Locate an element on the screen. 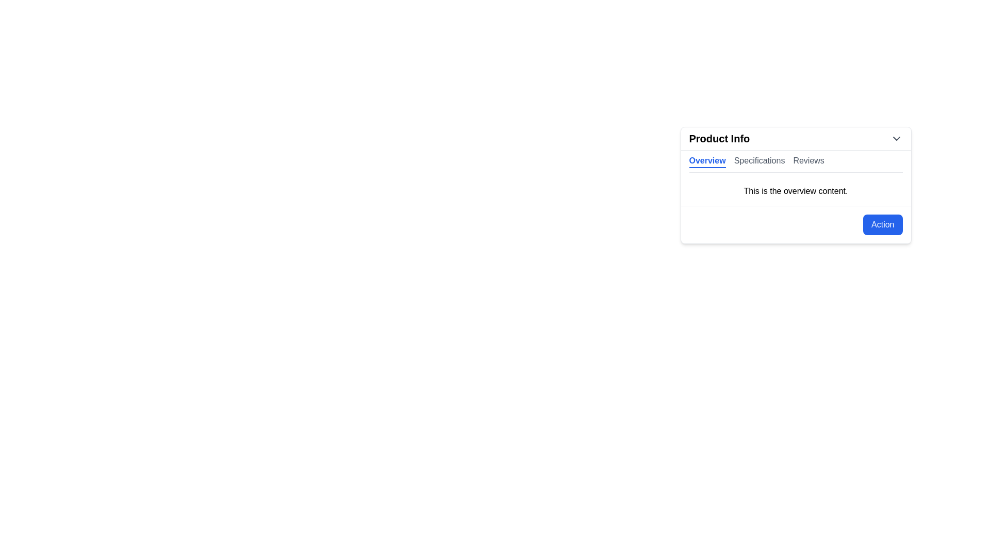 Image resolution: width=990 pixels, height=557 pixels. text from the Text Label located in the header of the card-like section, which serves as a title indicating product information is located at coordinates (719, 138).